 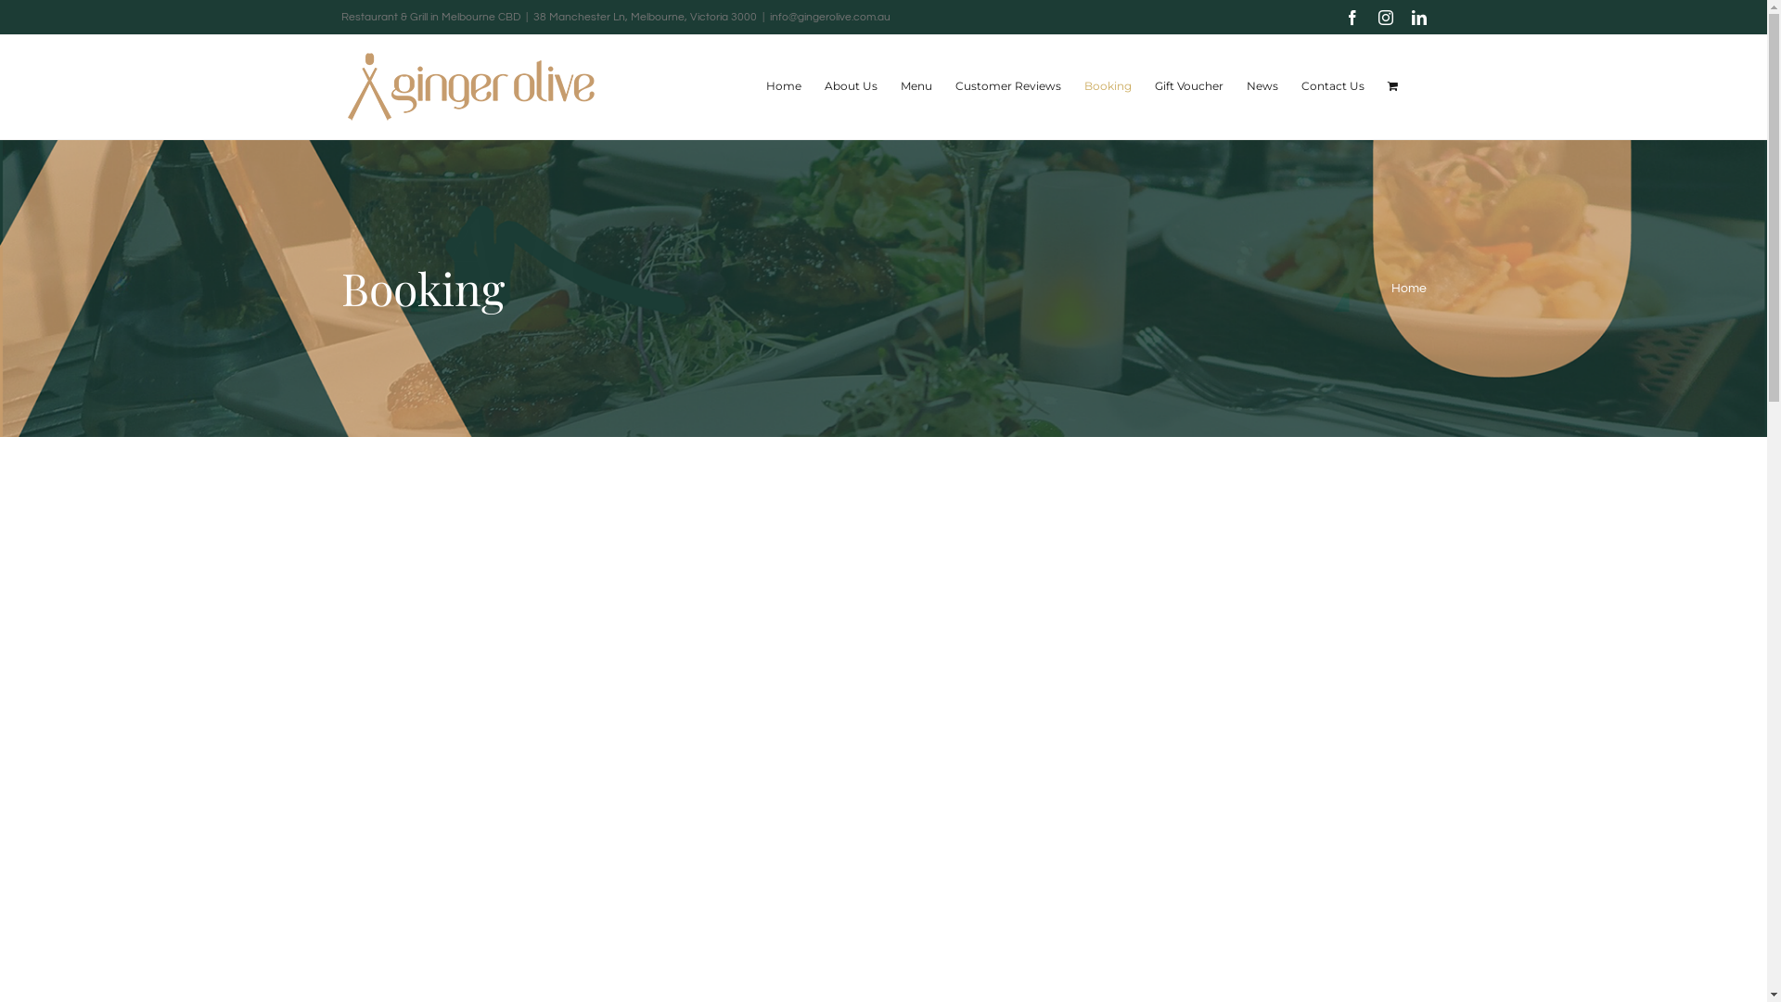 I want to click on 'Customer Reviews', so click(x=955, y=85).